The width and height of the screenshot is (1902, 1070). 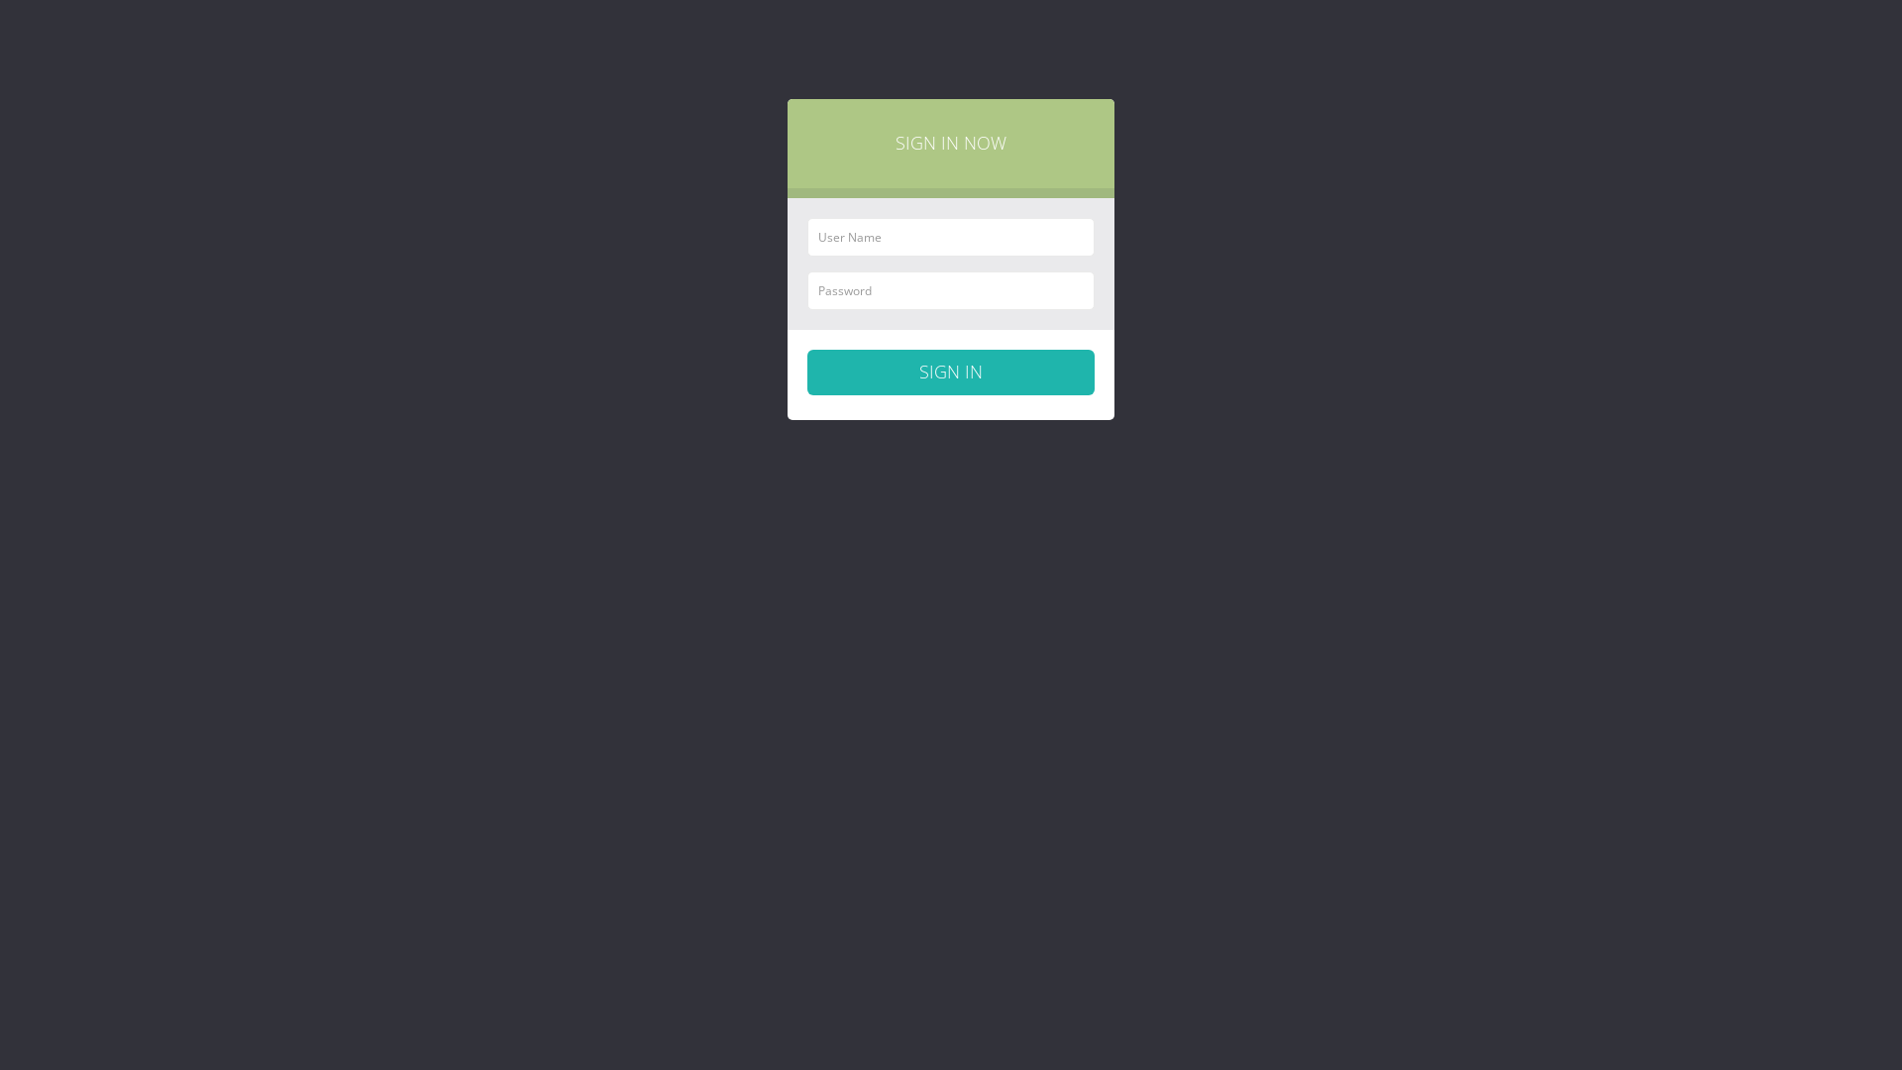 I want to click on 'Sign in', so click(x=951, y=372).